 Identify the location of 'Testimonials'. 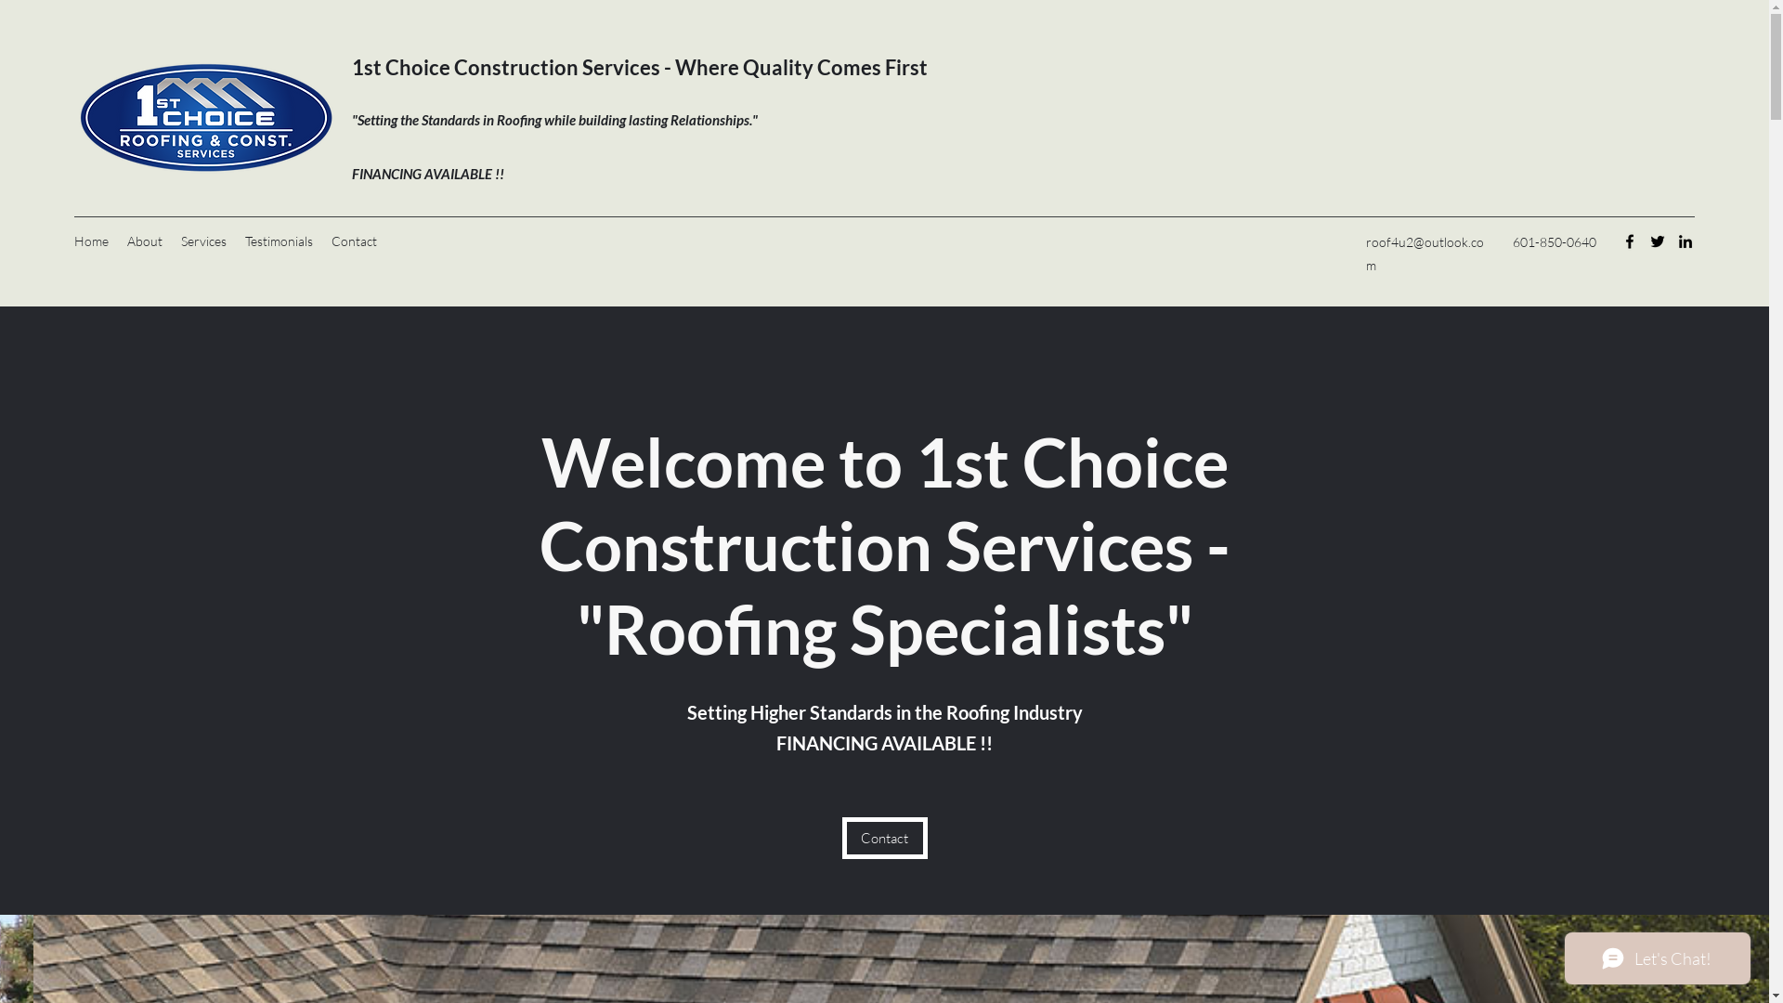
(278, 240).